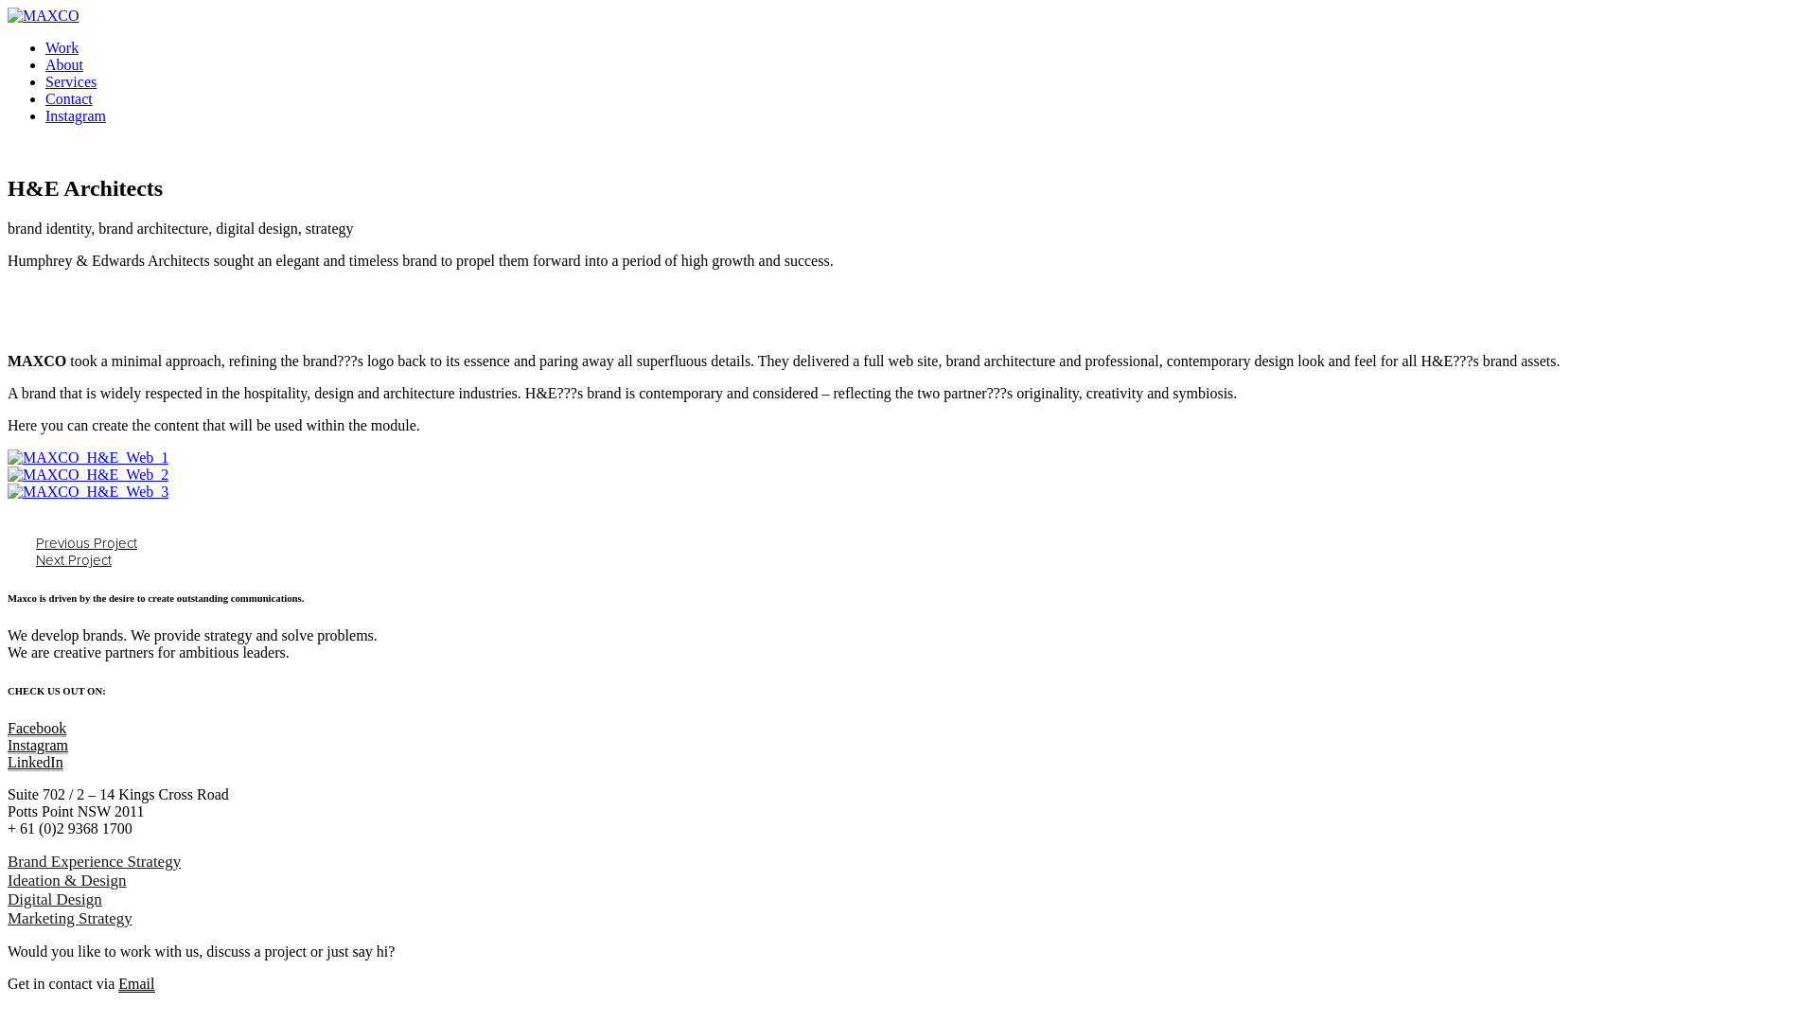  I want to click on 'Work', so click(45, 46).